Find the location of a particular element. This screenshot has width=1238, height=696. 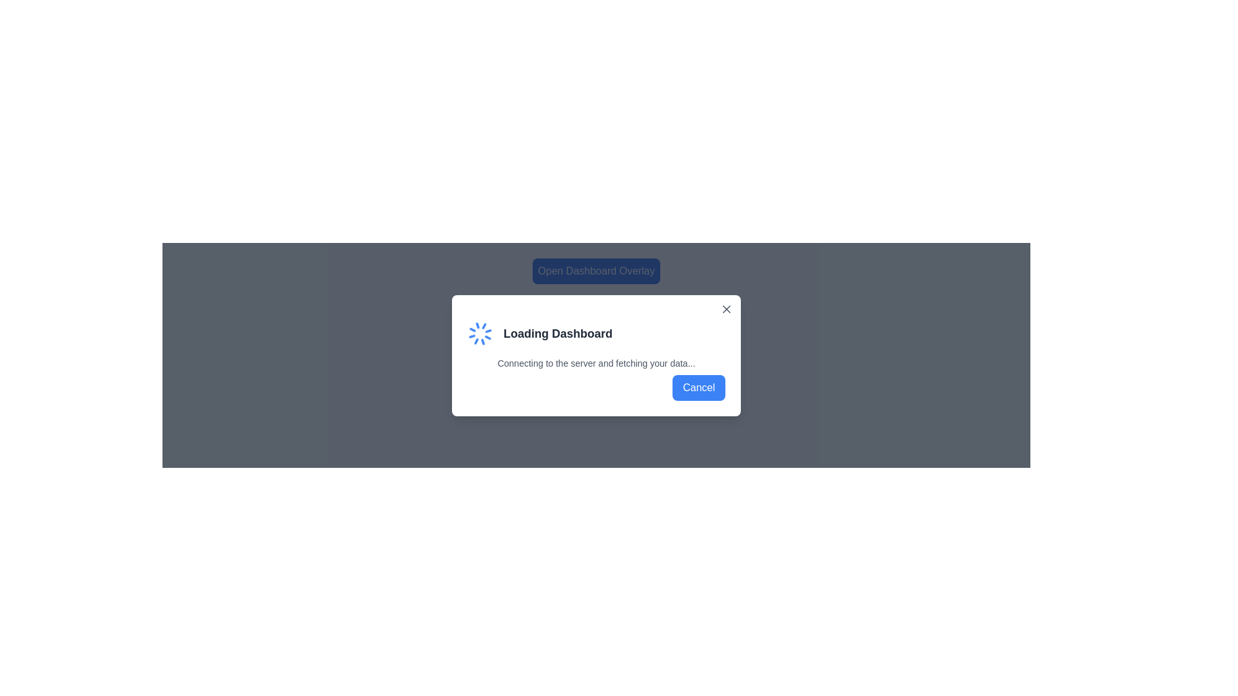

the button with a blue background and white text reading 'Open Dashboard Overlay' is located at coordinates (596, 270).